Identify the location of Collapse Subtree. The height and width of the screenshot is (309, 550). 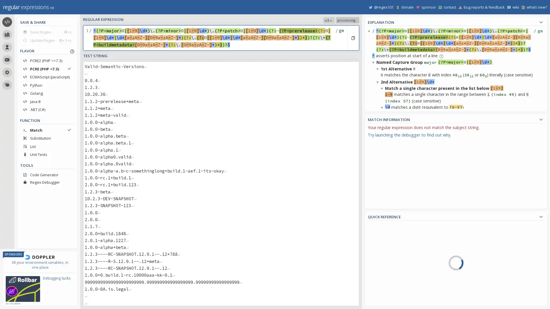
(383, 231).